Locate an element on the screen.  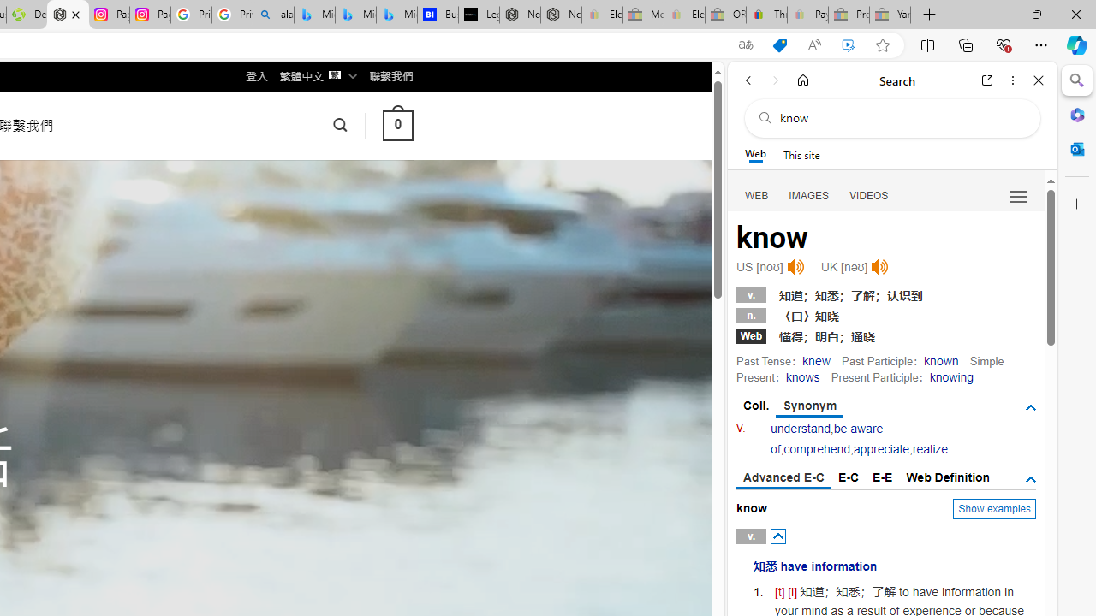
'Advanced E-C' is located at coordinates (783, 478).